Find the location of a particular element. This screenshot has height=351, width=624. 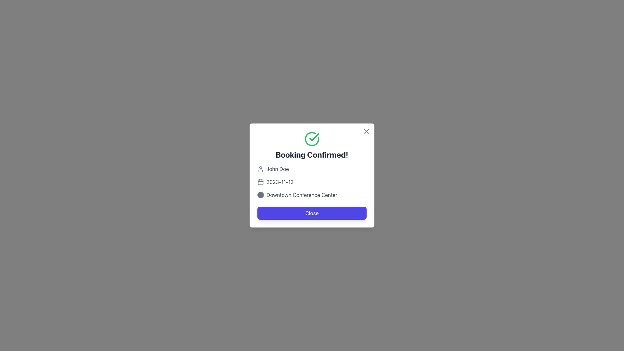

the dismiss button located at the bottom of the pop-up window is located at coordinates (312, 213).